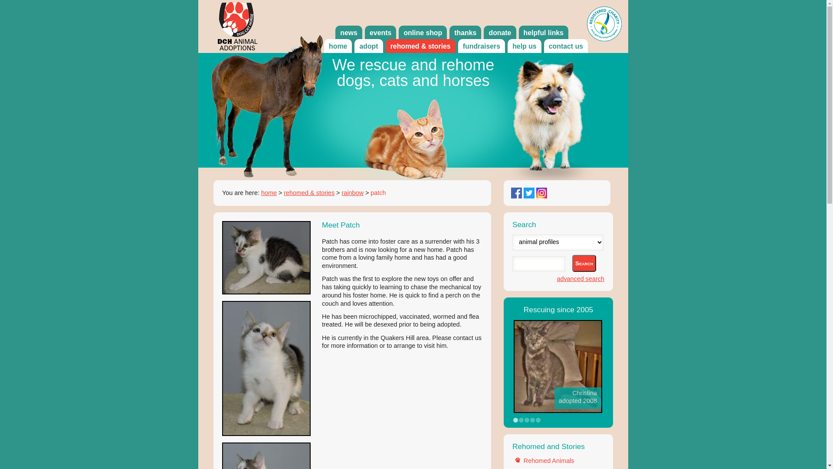  What do you see at coordinates (423, 33) in the screenshot?
I see `'online shop'` at bounding box center [423, 33].